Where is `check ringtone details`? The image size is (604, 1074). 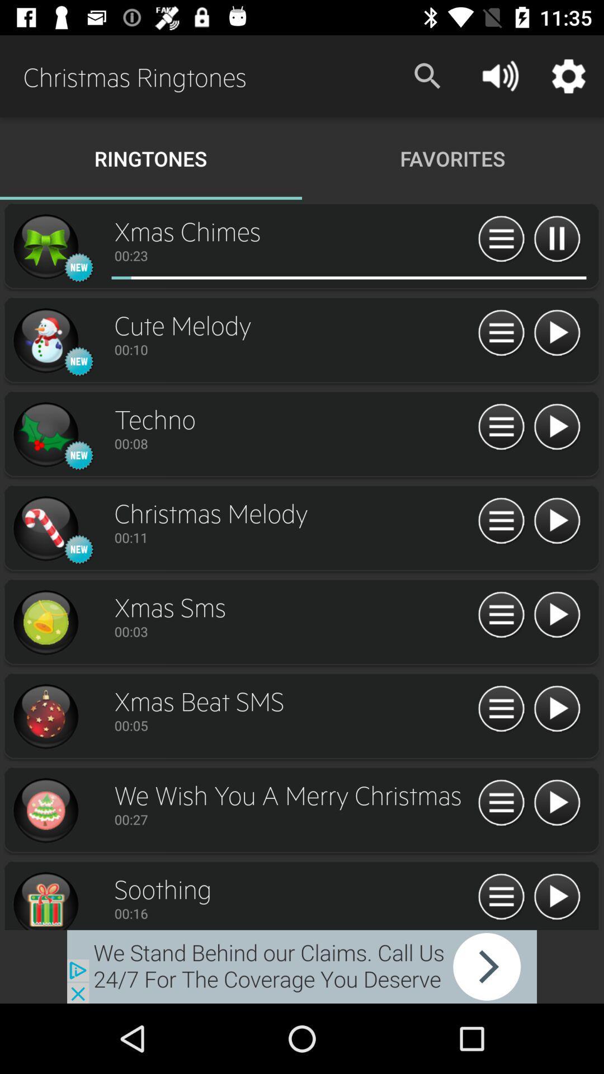 check ringtone details is located at coordinates (501, 709).